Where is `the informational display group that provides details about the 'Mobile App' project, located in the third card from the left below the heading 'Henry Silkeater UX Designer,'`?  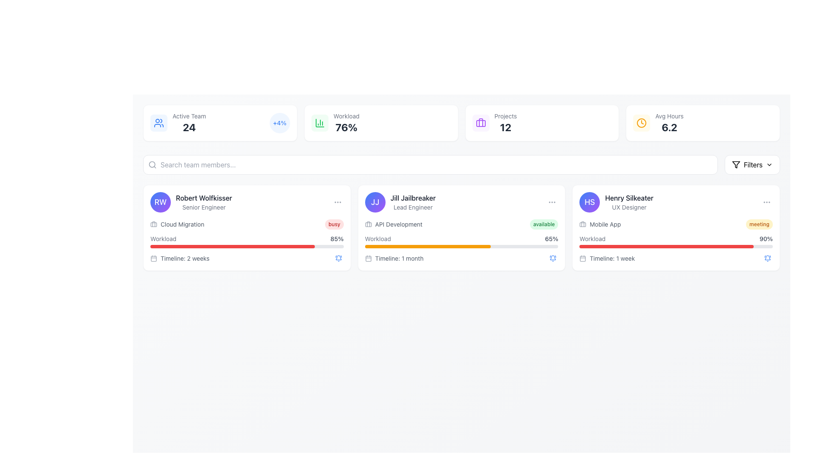
the informational display group that provides details about the 'Mobile App' project, located in the third card from the left below the heading 'Henry Silkeater UX Designer,' is located at coordinates (676, 241).